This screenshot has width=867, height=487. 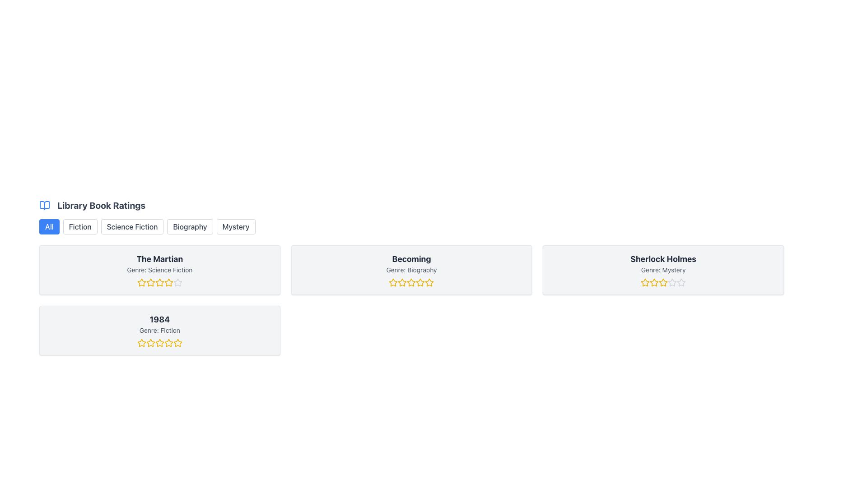 I want to click on the third Rating Star icon in the five-star rating system for the book 'Becoming' in the Biography genre, so click(x=429, y=282).